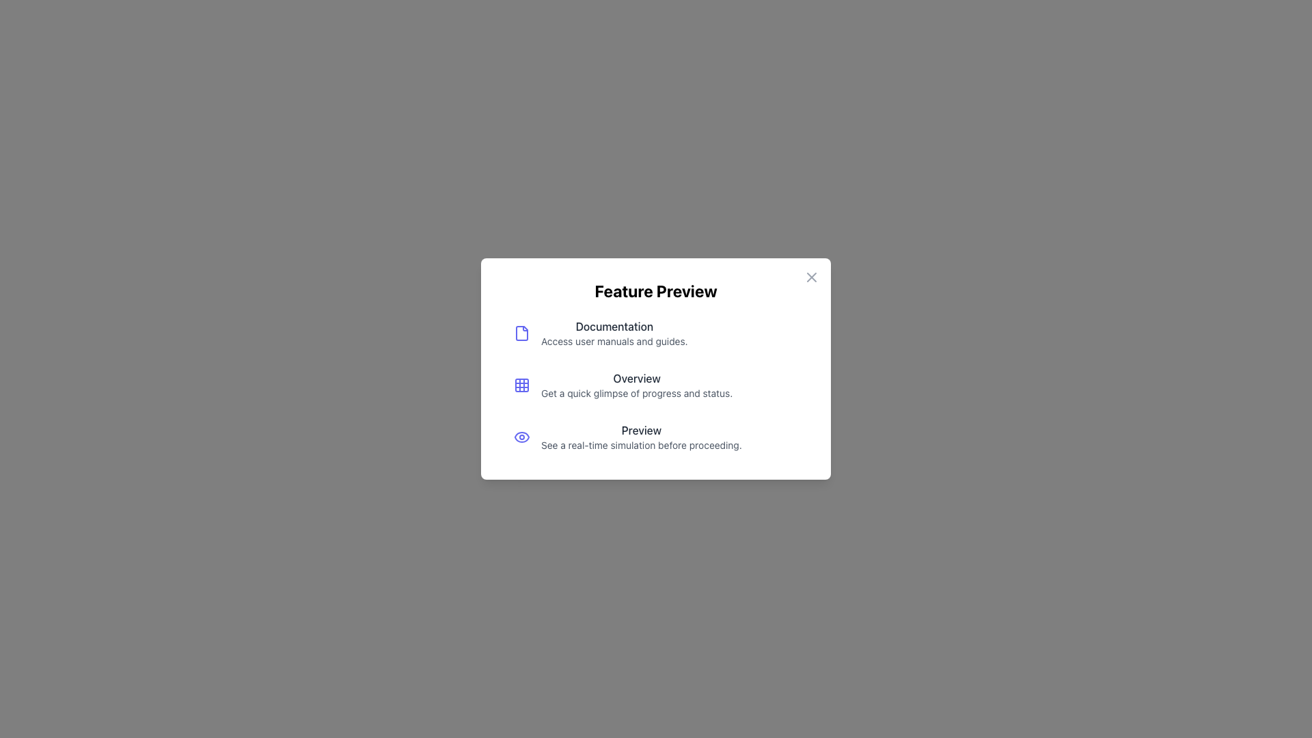  Describe the element at coordinates (640, 445) in the screenshot. I see `the text label element that reads 'See a real-time simulation before proceeding.' which is located below the 'Preview' label in the modal dialog box` at that location.